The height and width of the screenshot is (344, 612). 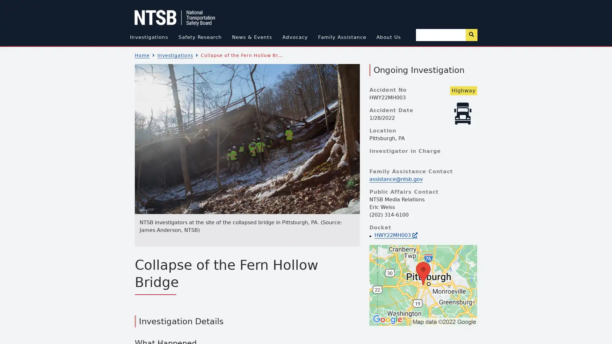 What do you see at coordinates (341, 37) in the screenshot?
I see `Family Assistance` at bounding box center [341, 37].